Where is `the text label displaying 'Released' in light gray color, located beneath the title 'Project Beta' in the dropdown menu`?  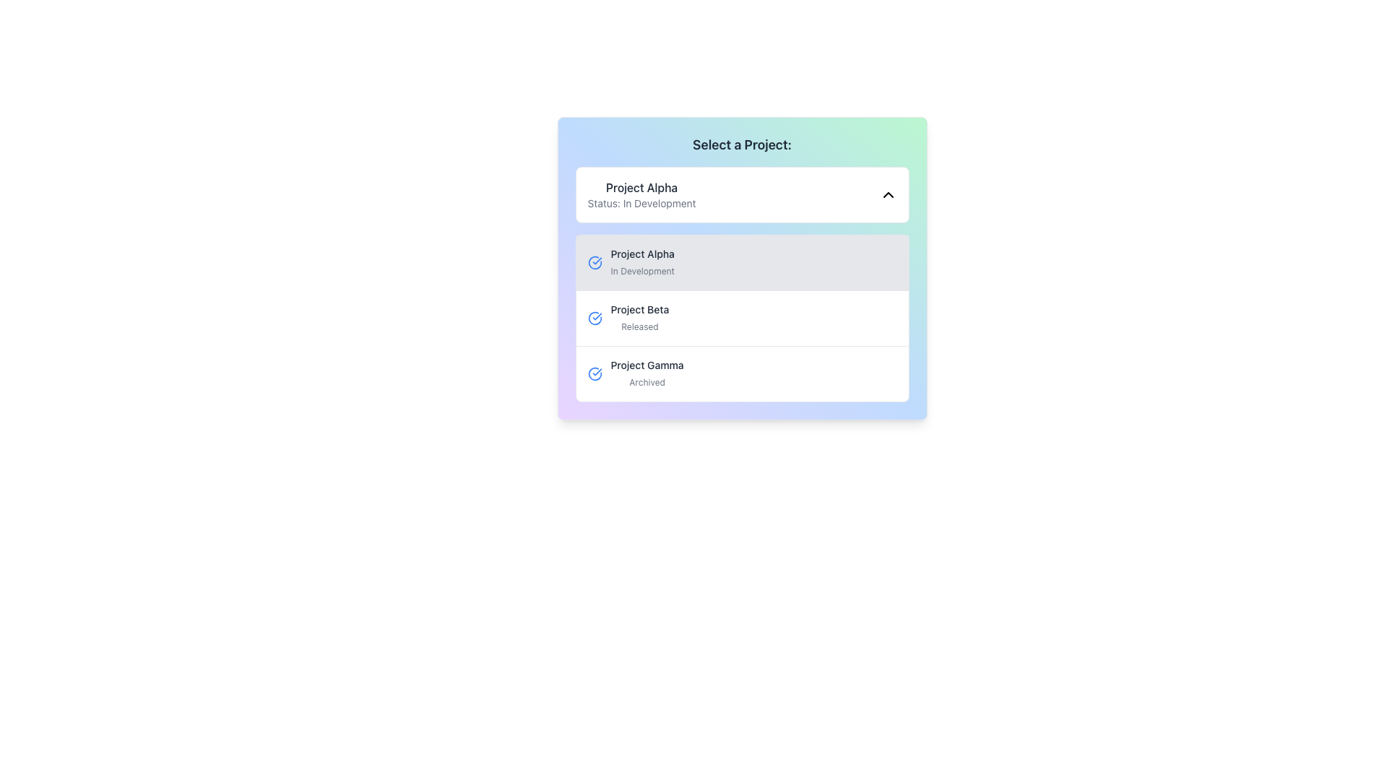
the text label displaying 'Released' in light gray color, located beneath the title 'Project Beta' in the dropdown menu is located at coordinates (639, 326).